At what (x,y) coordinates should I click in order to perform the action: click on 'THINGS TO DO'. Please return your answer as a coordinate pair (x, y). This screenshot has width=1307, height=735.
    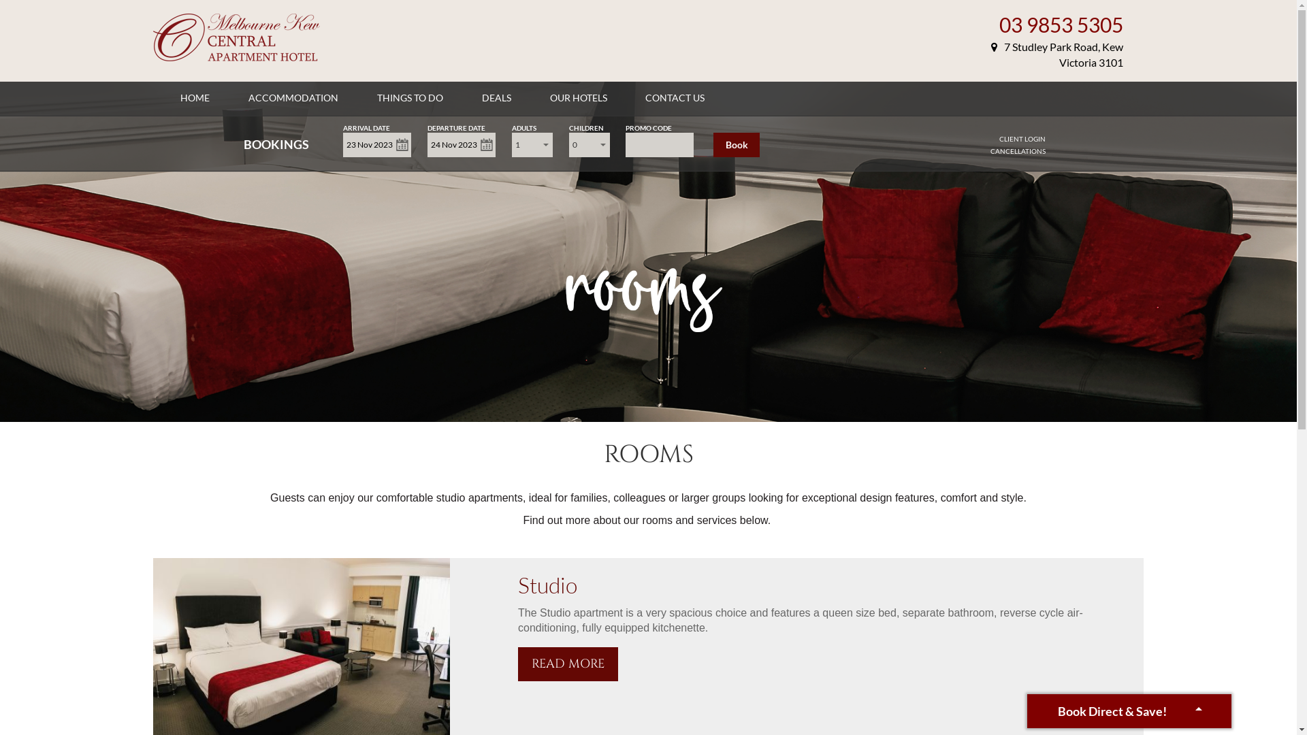
    Looking at the image, I should click on (409, 97).